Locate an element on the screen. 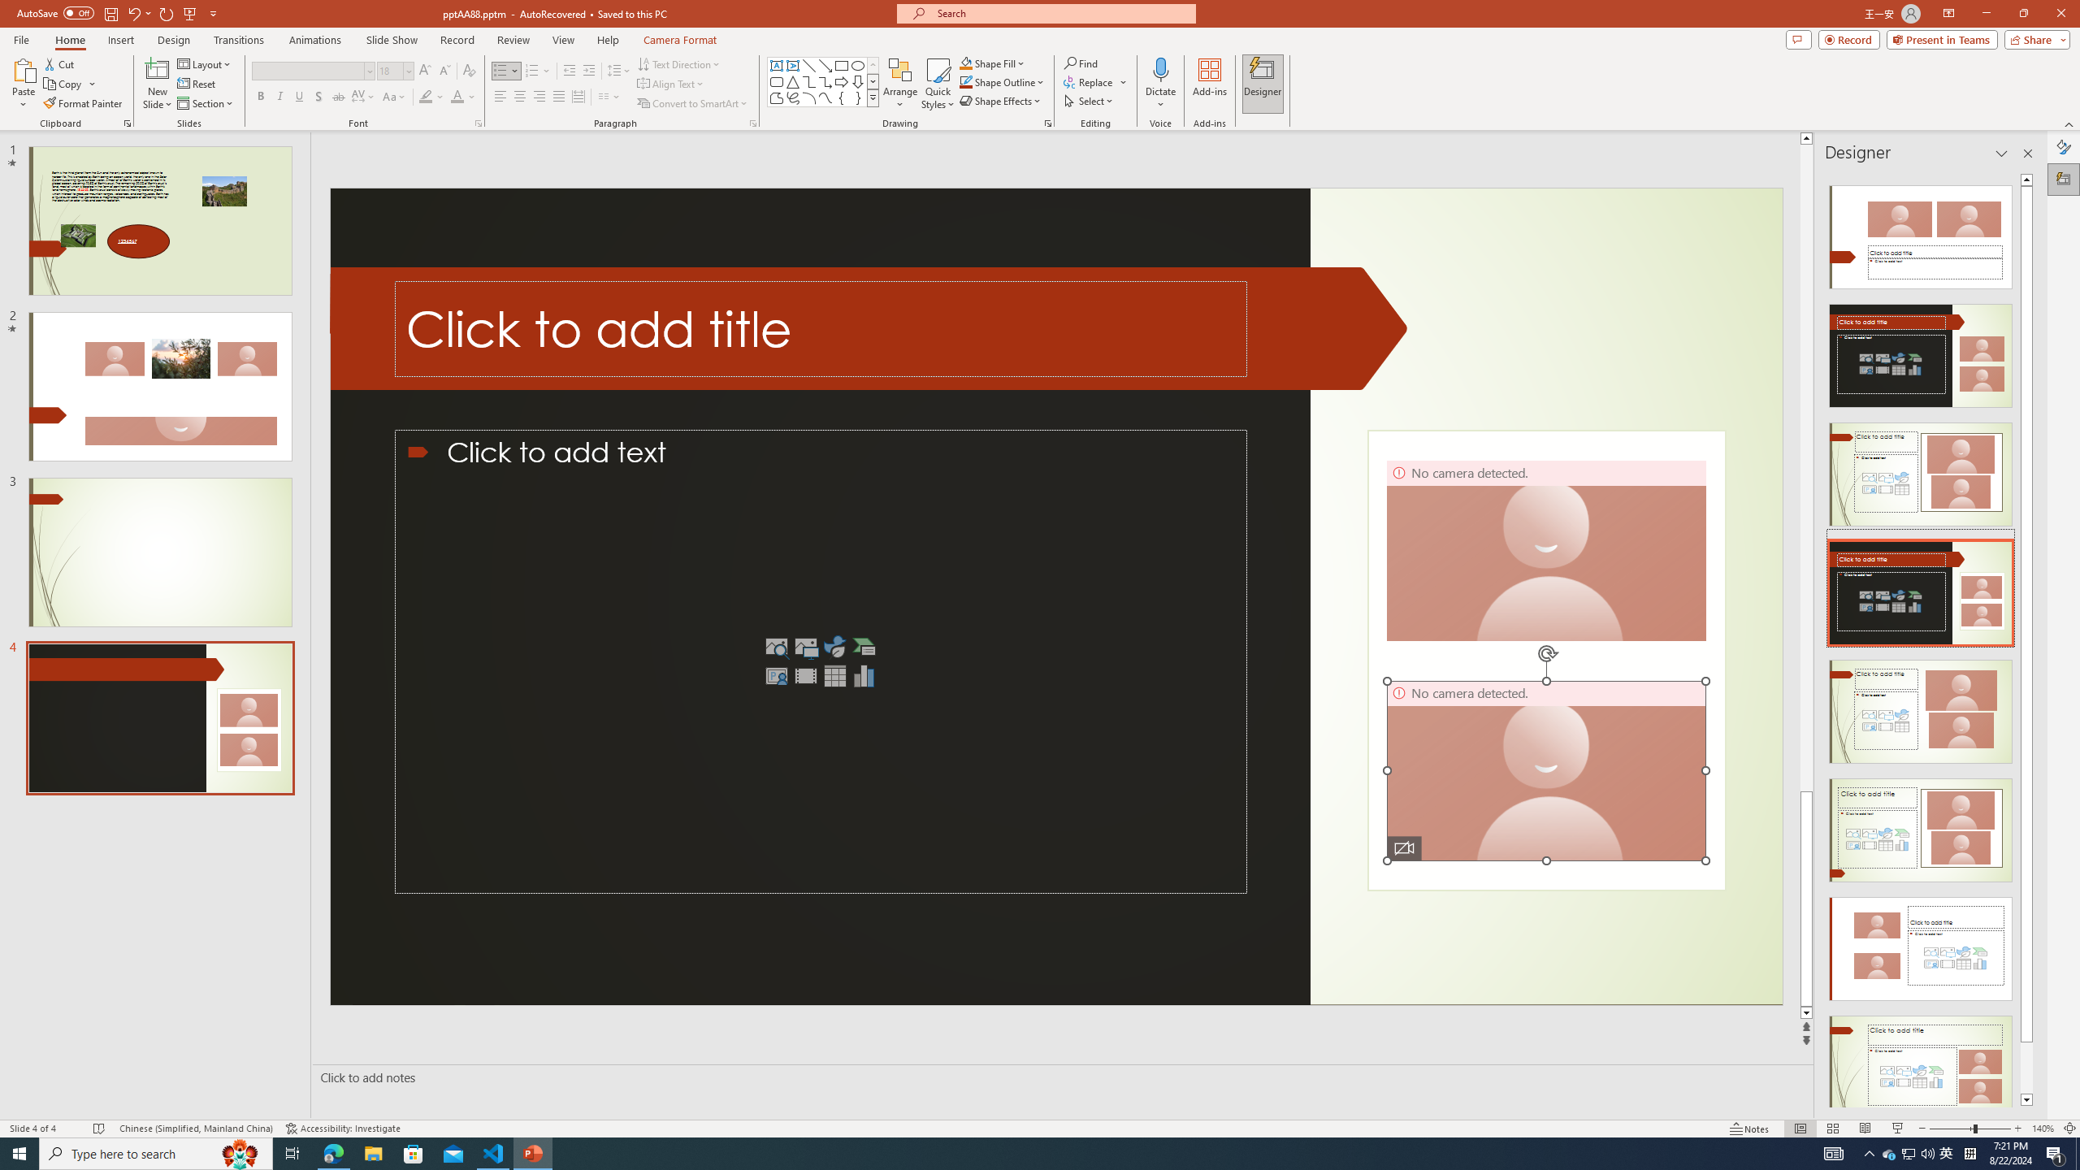  'Arrange' is located at coordinates (900, 84).